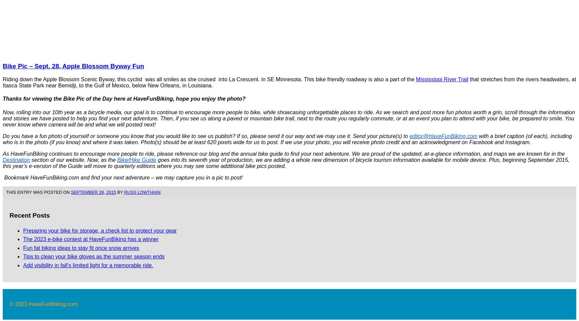 This screenshot has width=579, height=321. I want to click on 'Fun fat biking ideas to stay fit once snow arrives', so click(81, 248).